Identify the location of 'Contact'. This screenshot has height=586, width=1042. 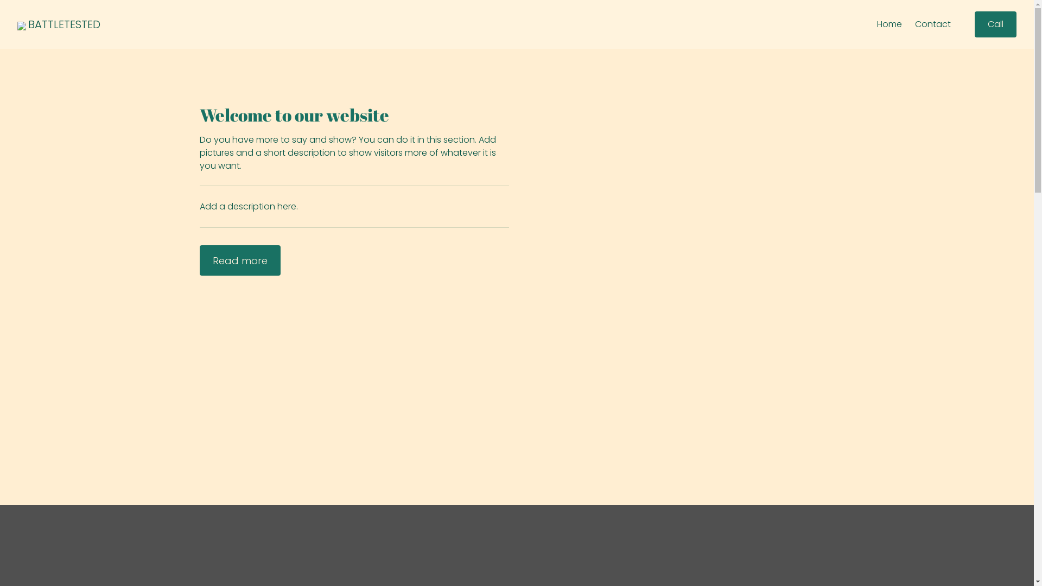
(932, 24).